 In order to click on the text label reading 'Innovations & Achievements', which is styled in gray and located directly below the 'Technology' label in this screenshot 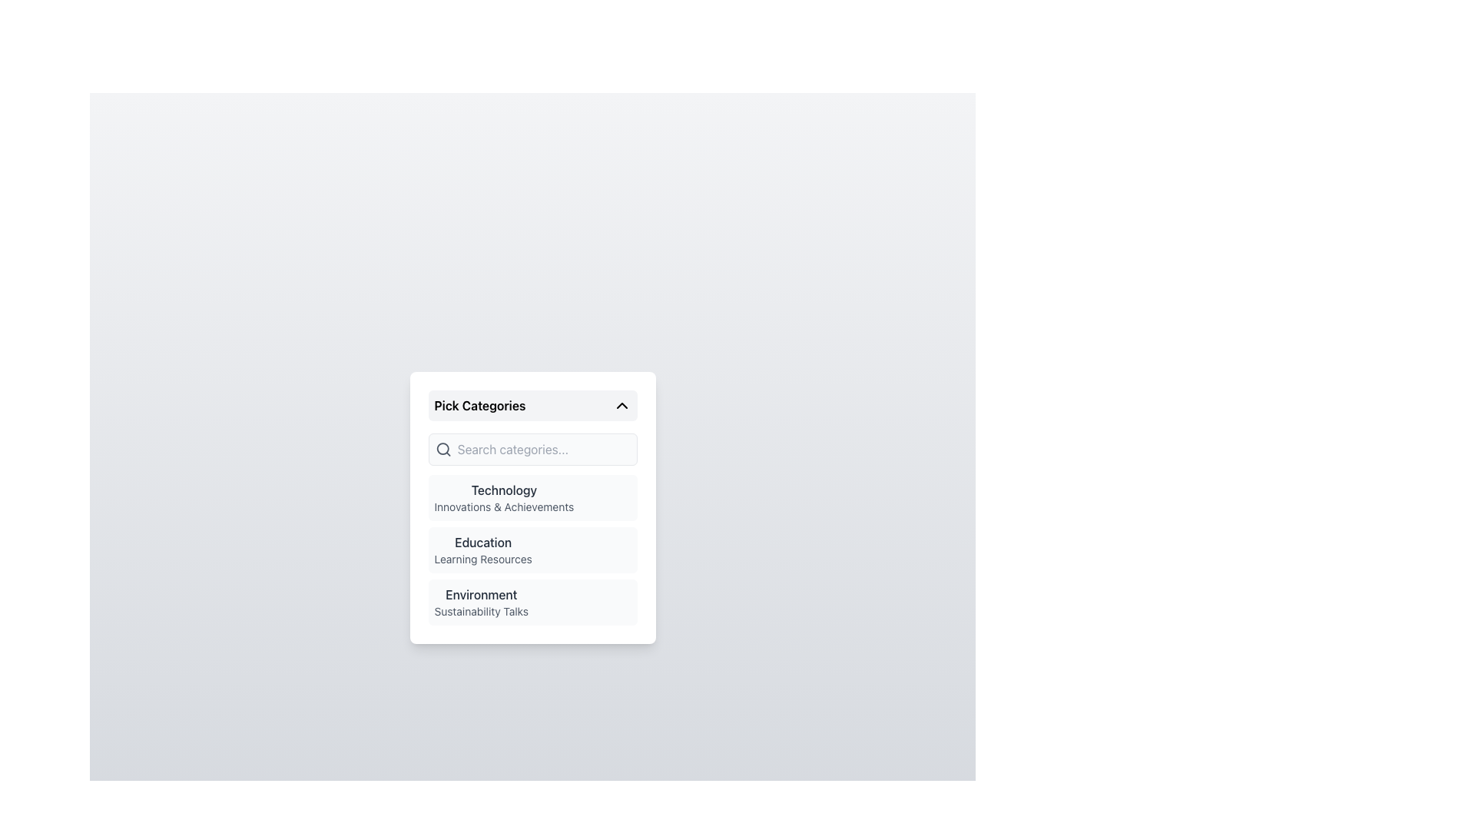, I will do `click(504, 506)`.